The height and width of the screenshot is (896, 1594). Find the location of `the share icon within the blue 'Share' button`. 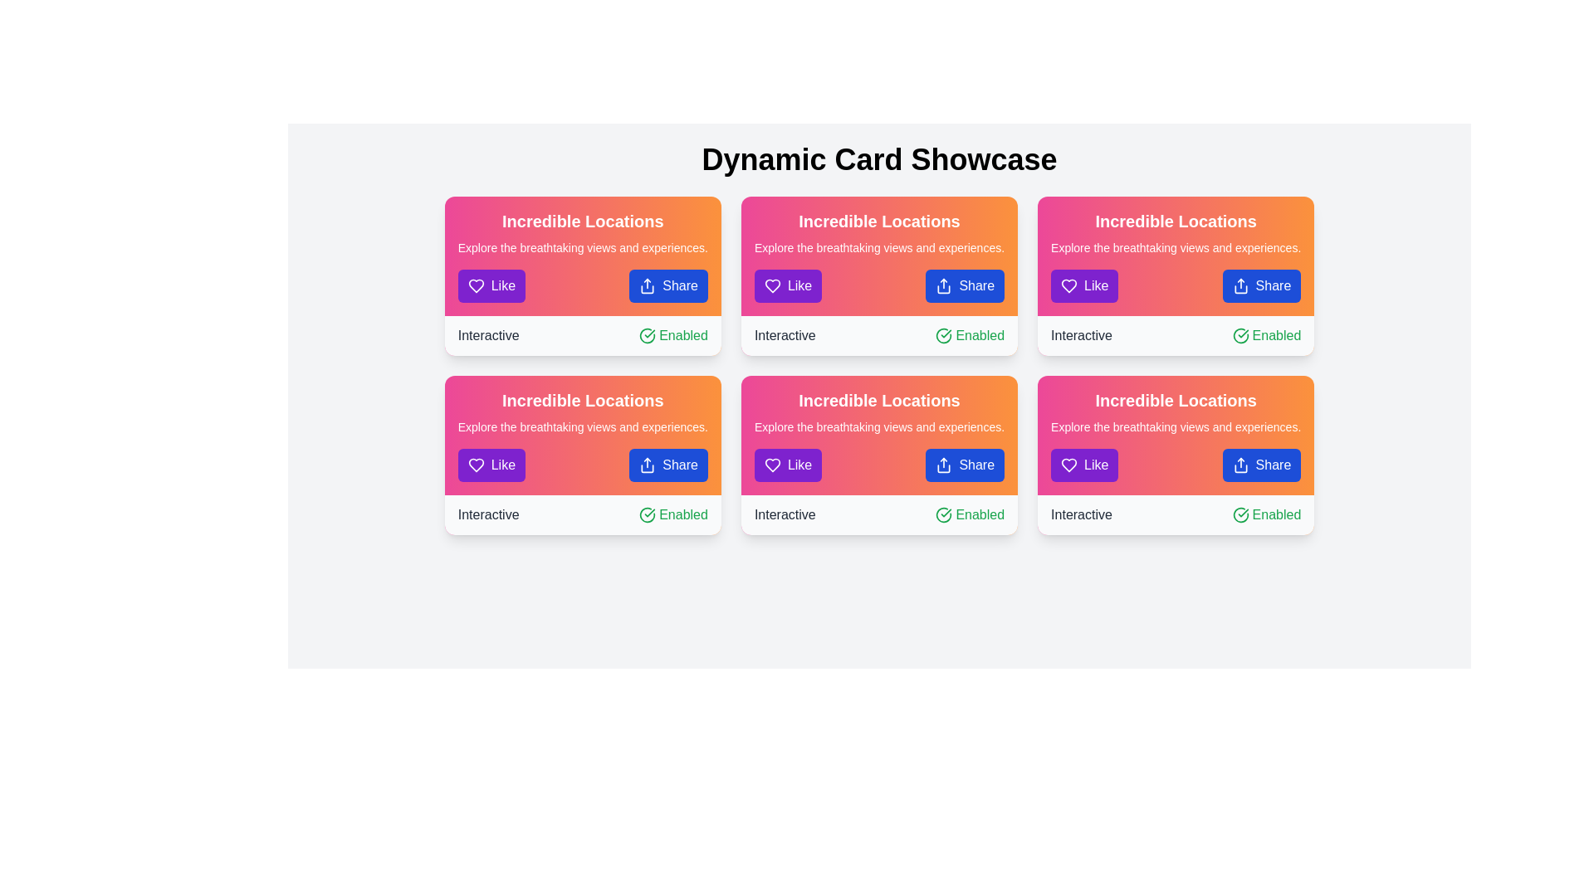

the share icon within the blue 'Share' button is located at coordinates (1240, 465).